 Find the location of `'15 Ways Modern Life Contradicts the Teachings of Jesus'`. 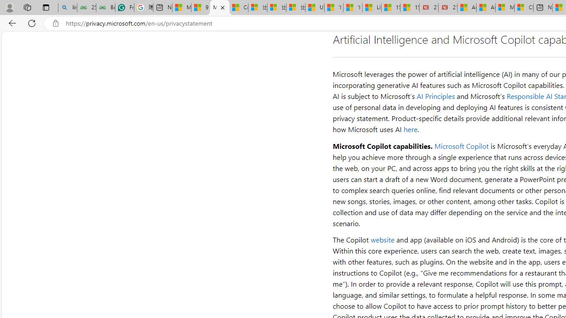

'15 Ways Modern Life Contradicts the Teachings of Jesus' is located at coordinates (409, 8).